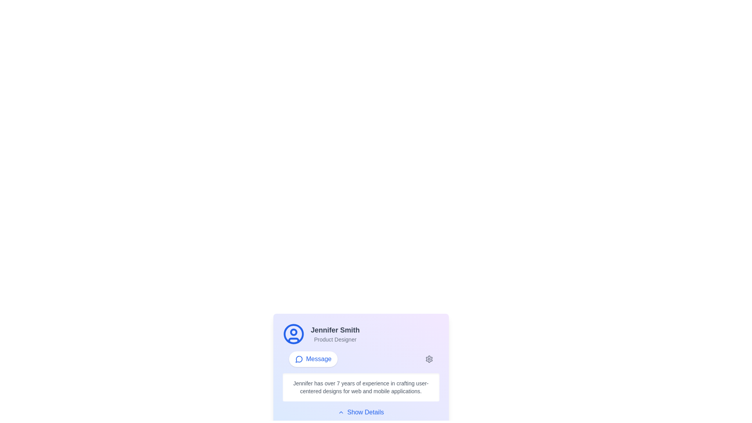 The width and height of the screenshot is (752, 423). I want to click on the rounded rectangular button labeled 'Message' with a speech bubble icon to initiate the messaging interface, so click(313, 359).